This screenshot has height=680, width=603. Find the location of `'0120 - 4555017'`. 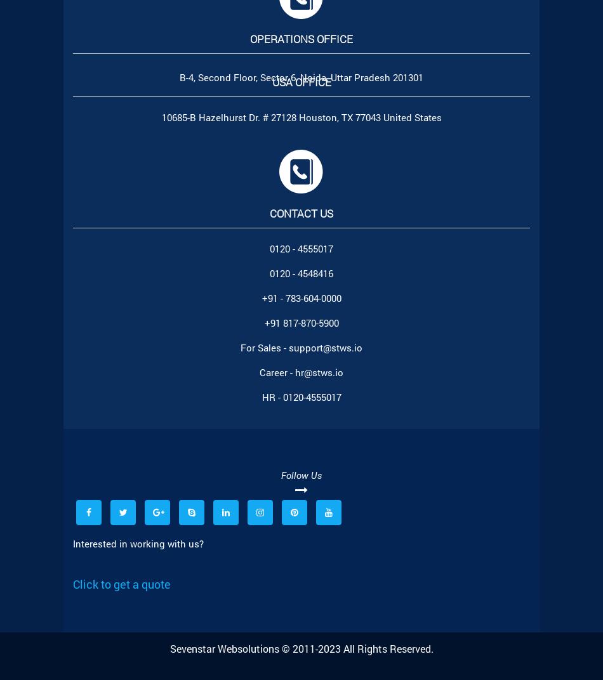

'0120 - 4555017' is located at coordinates (301, 249).